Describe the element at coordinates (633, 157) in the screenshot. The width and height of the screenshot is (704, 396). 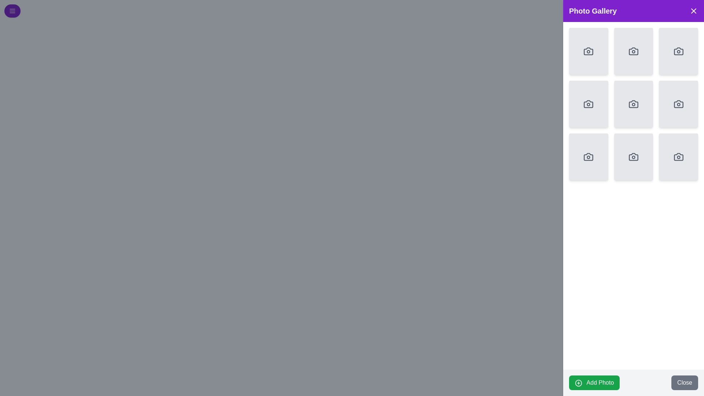
I see `the clickable tile in the bottom row and middle column of the photo gallery, which features a centered camera icon on a soft gray background` at that location.